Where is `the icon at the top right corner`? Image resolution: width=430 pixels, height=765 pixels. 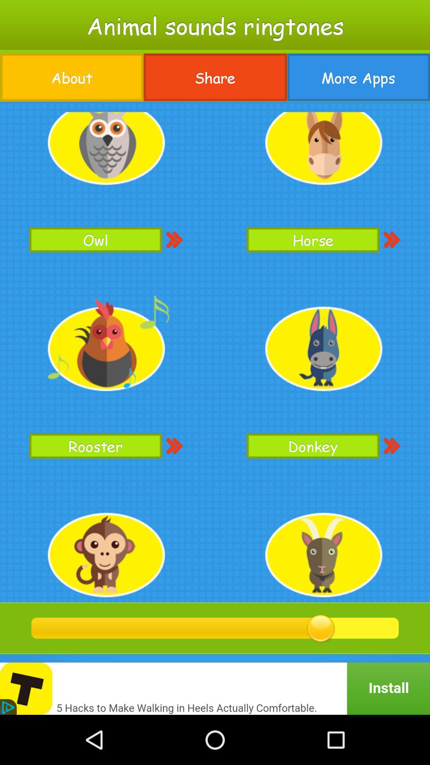 the icon at the top right corner is located at coordinates (358, 77).